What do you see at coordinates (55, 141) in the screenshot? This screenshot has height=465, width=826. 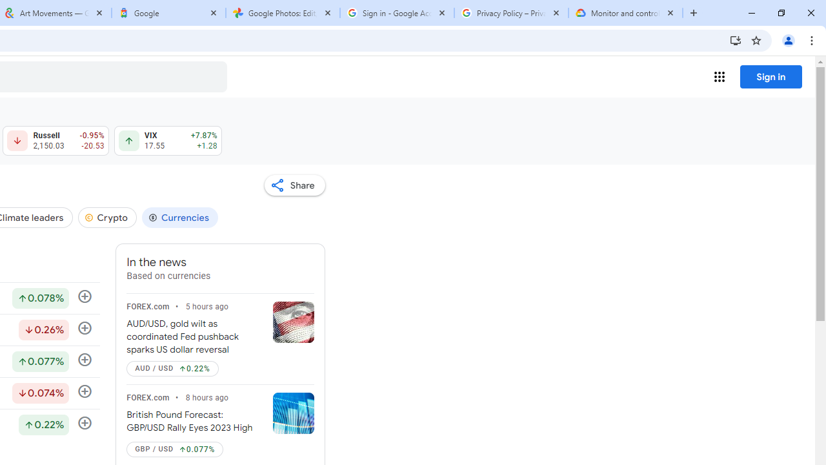 I see `'Russell 2,150.03 Down by 0.95% -20.53'` at bounding box center [55, 141].